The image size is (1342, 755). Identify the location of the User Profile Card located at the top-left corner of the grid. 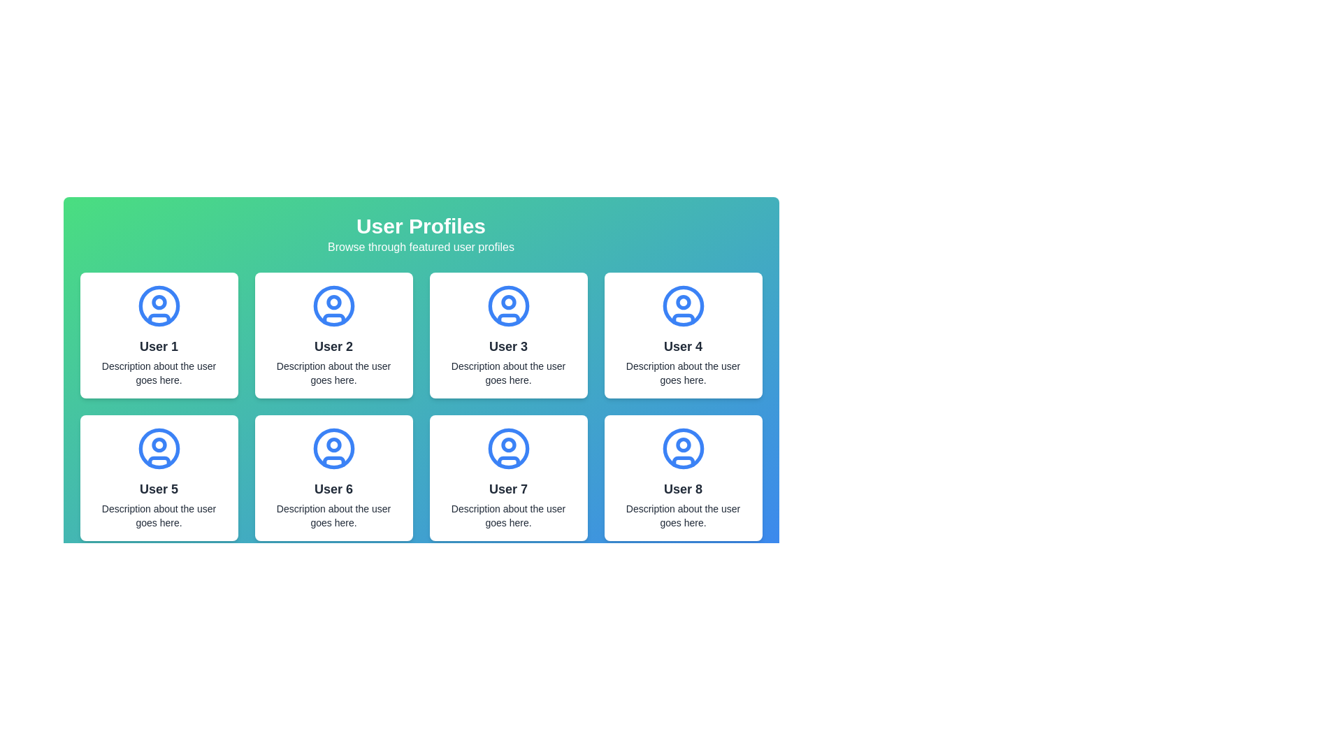
(159, 335).